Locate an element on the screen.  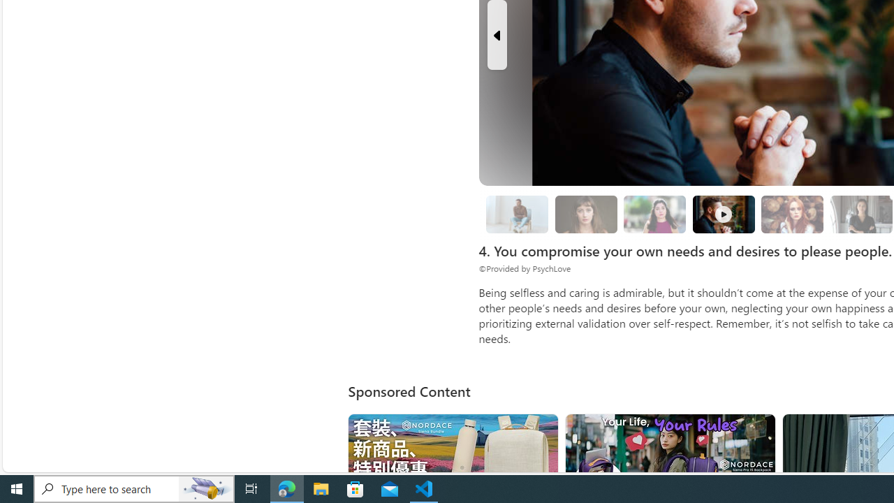
'8. Surround yourself with solution-oriented people.' is located at coordinates (860, 214).